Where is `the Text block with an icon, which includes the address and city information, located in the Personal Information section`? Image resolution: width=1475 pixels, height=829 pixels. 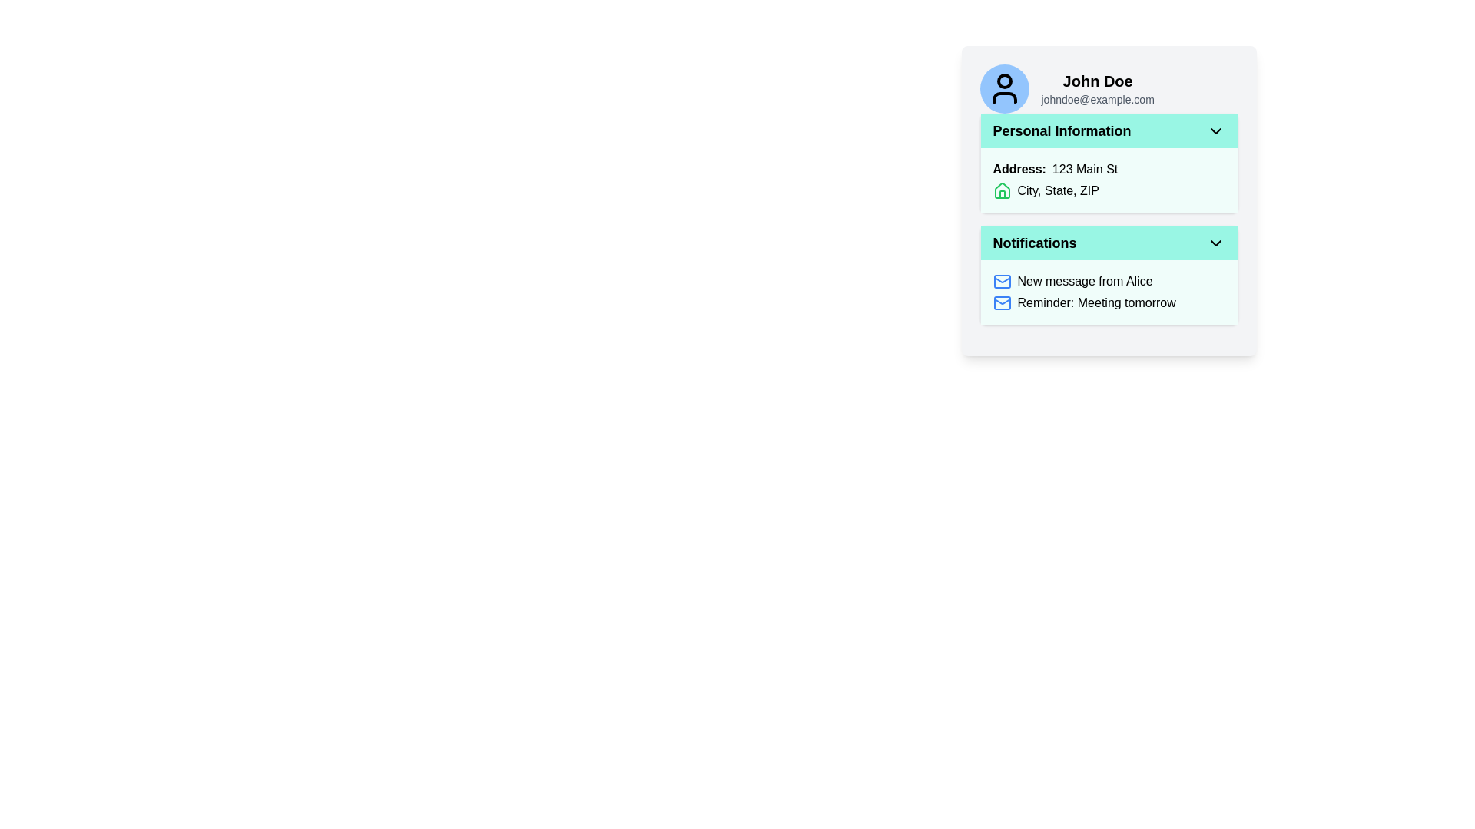
the Text block with an icon, which includes the address and city information, located in the Personal Information section is located at coordinates (1109, 180).